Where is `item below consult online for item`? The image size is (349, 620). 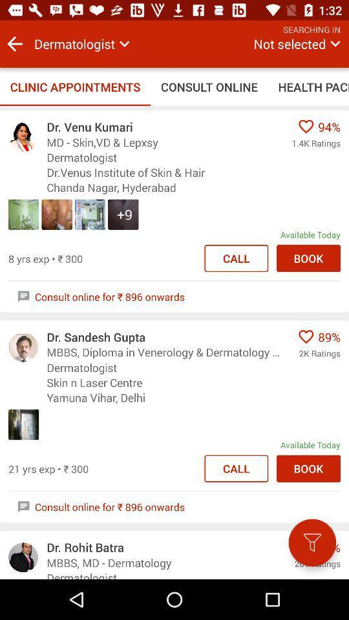 item below consult online for item is located at coordinates (312, 542).